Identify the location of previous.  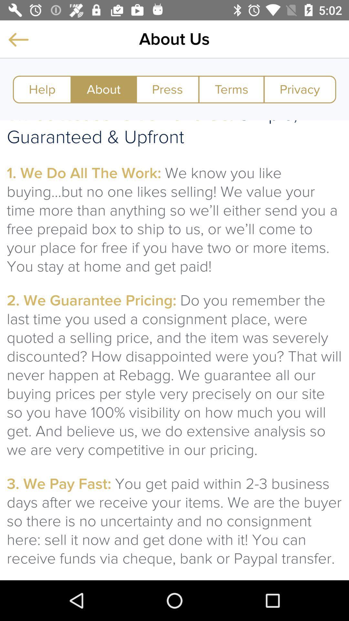
(18, 39).